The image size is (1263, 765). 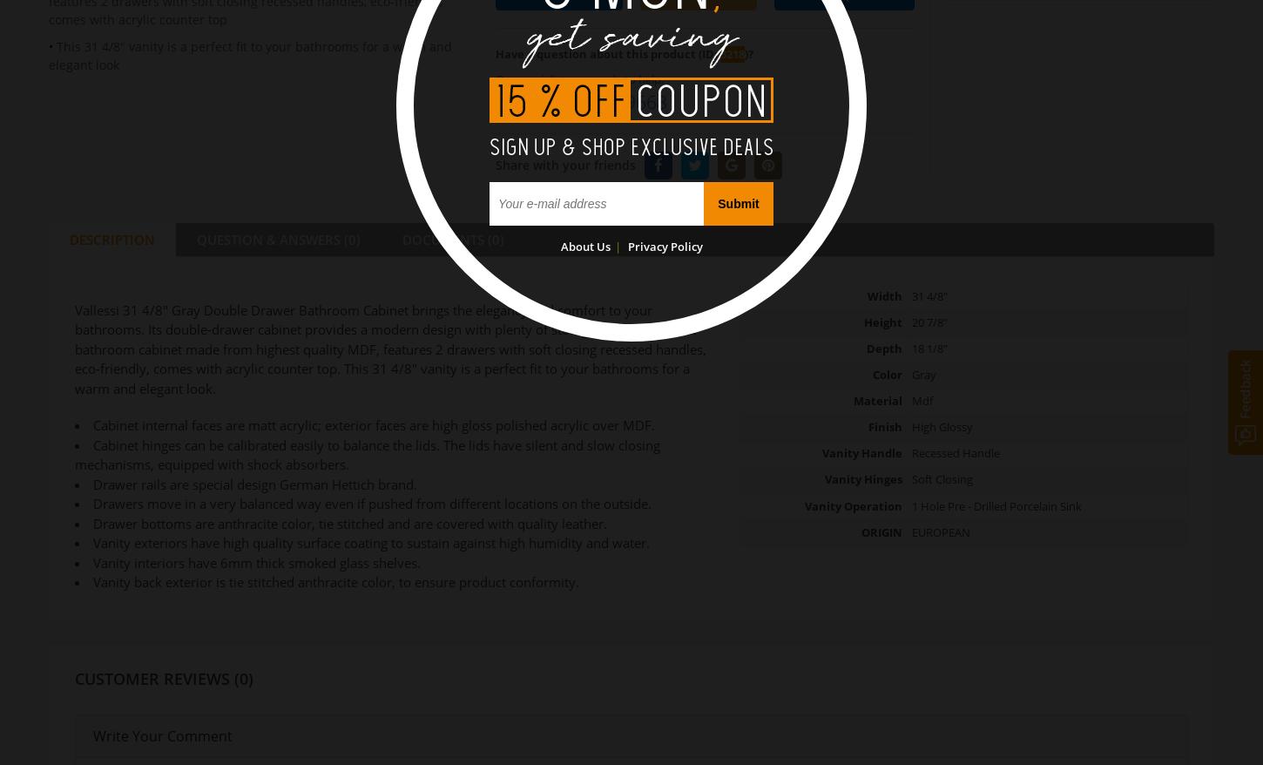 What do you see at coordinates (441, 369) in the screenshot?
I see `'. This 31 4/8" vanity is a perfect fit'` at bounding box center [441, 369].